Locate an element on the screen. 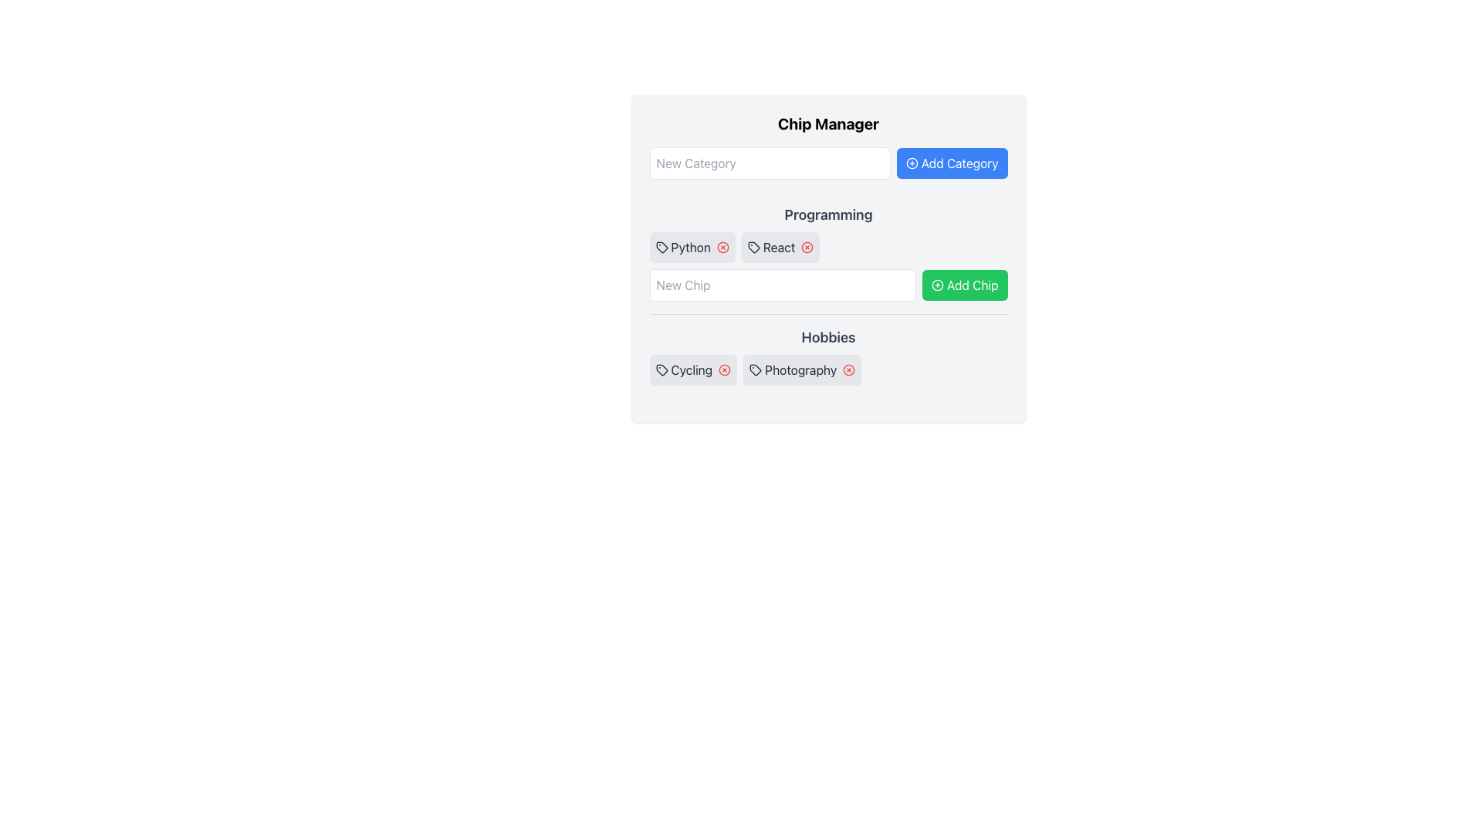  the small tag-shaped icon with a filled circular dot, located inside the left part of the 'Python' chip in the 'Programming' section is located at coordinates (661, 246).